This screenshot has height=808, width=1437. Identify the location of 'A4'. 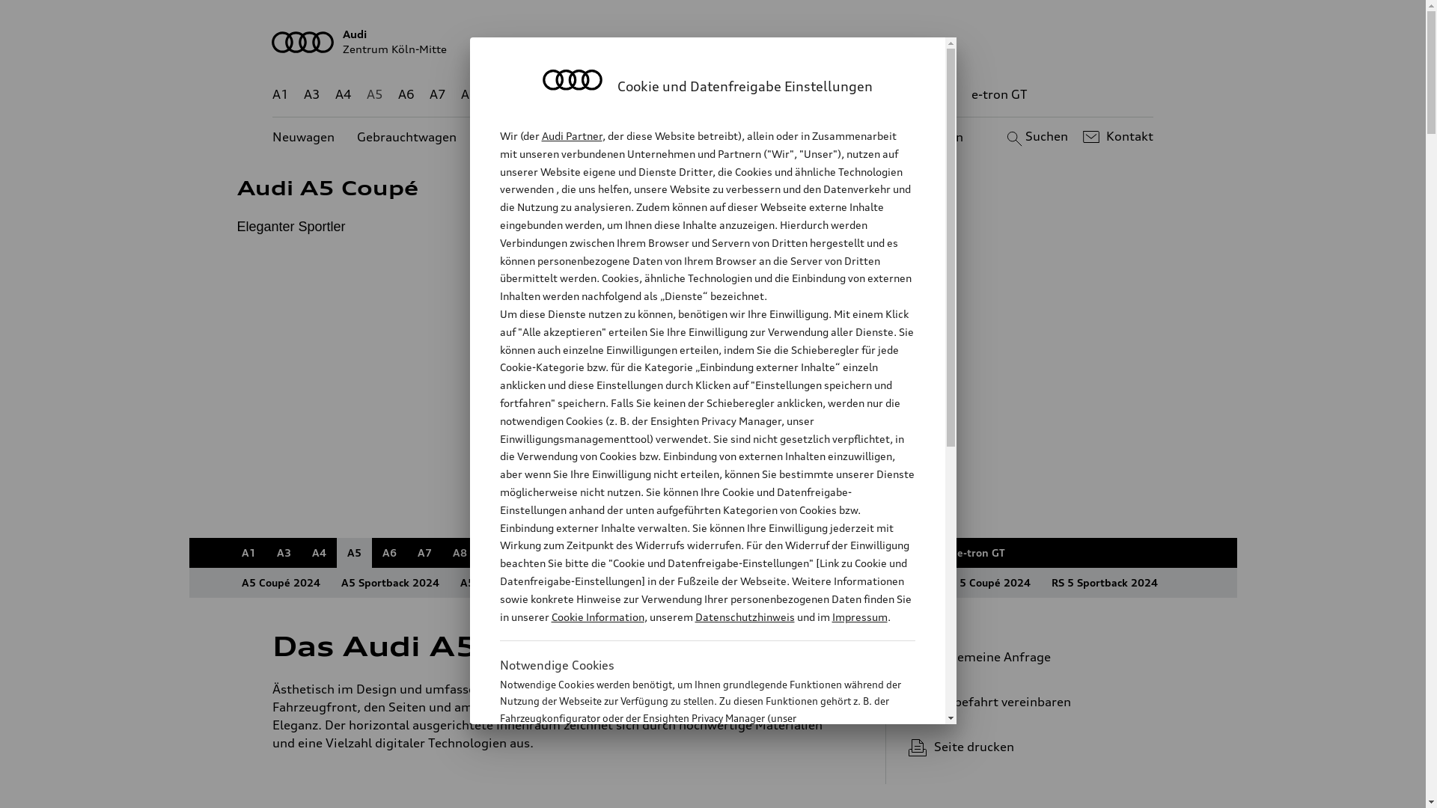
(317, 553).